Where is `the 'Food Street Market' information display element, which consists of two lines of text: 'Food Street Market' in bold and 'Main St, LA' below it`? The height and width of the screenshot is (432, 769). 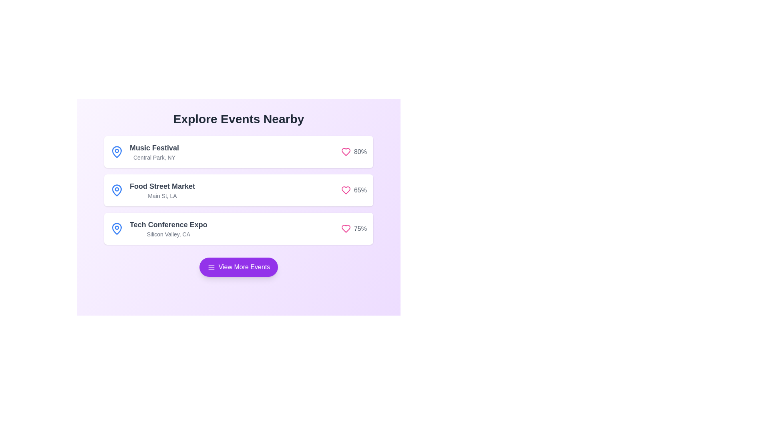
the 'Food Street Market' information display element, which consists of two lines of text: 'Food Street Market' in bold and 'Main St, LA' below it is located at coordinates (162, 190).